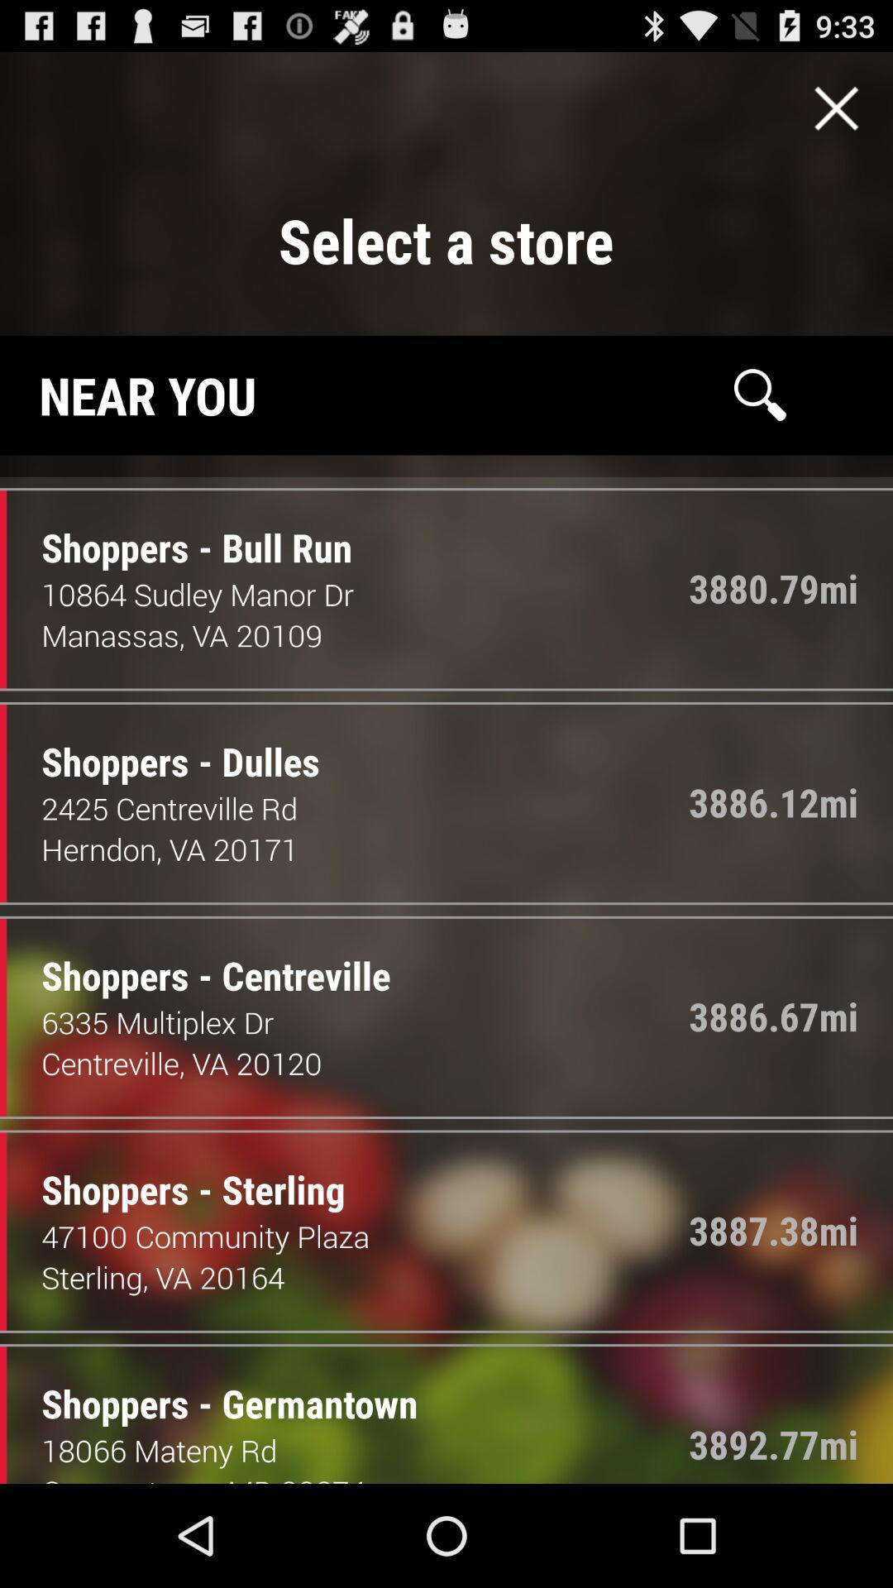 Image resolution: width=893 pixels, height=1588 pixels. I want to click on the item below the 10864 sudley manor icon, so click(258, 634).